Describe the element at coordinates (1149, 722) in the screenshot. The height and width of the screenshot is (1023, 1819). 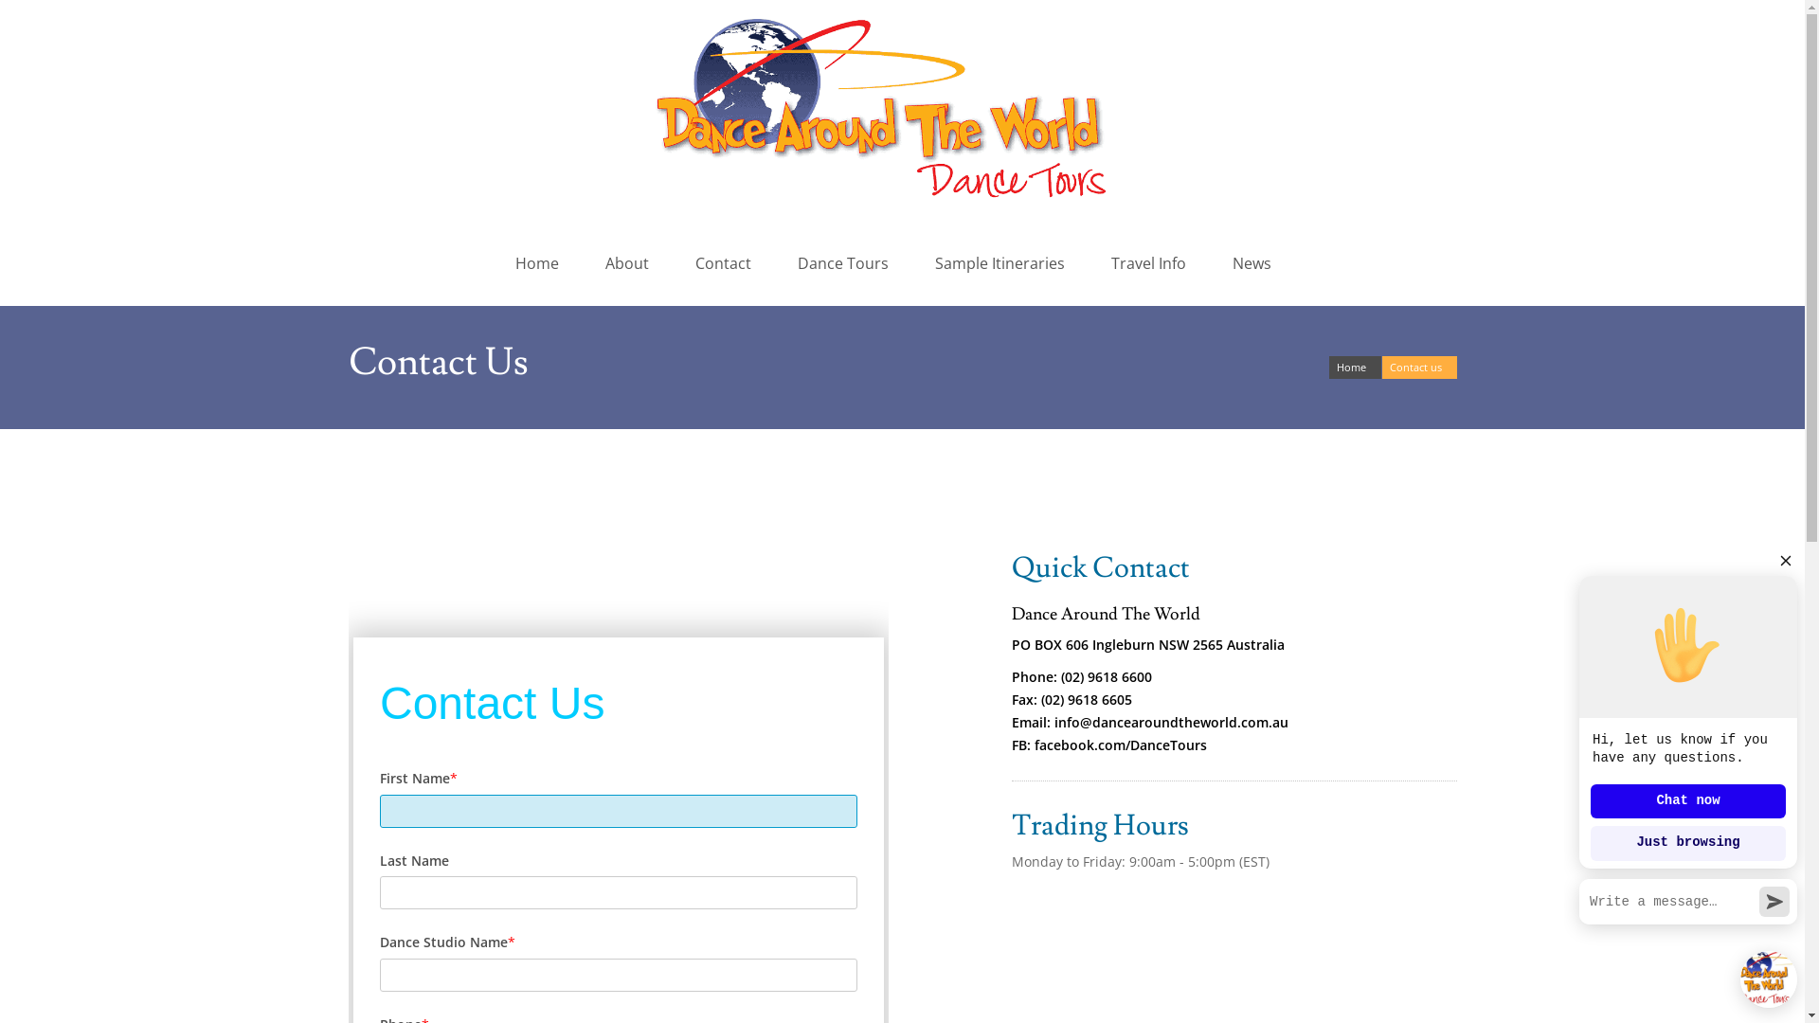
I see `'Email: info@dancearoundtheworld.com.au'` at that location.